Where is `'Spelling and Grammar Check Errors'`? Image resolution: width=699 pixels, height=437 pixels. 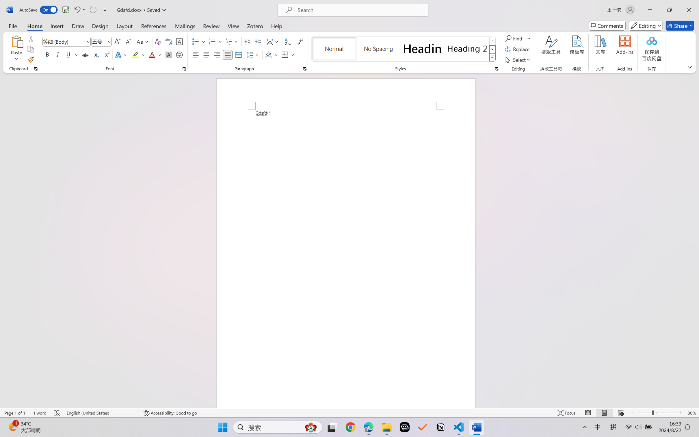 'Spelling and Grammar Check Errors' is located at coordinates (57, 413).